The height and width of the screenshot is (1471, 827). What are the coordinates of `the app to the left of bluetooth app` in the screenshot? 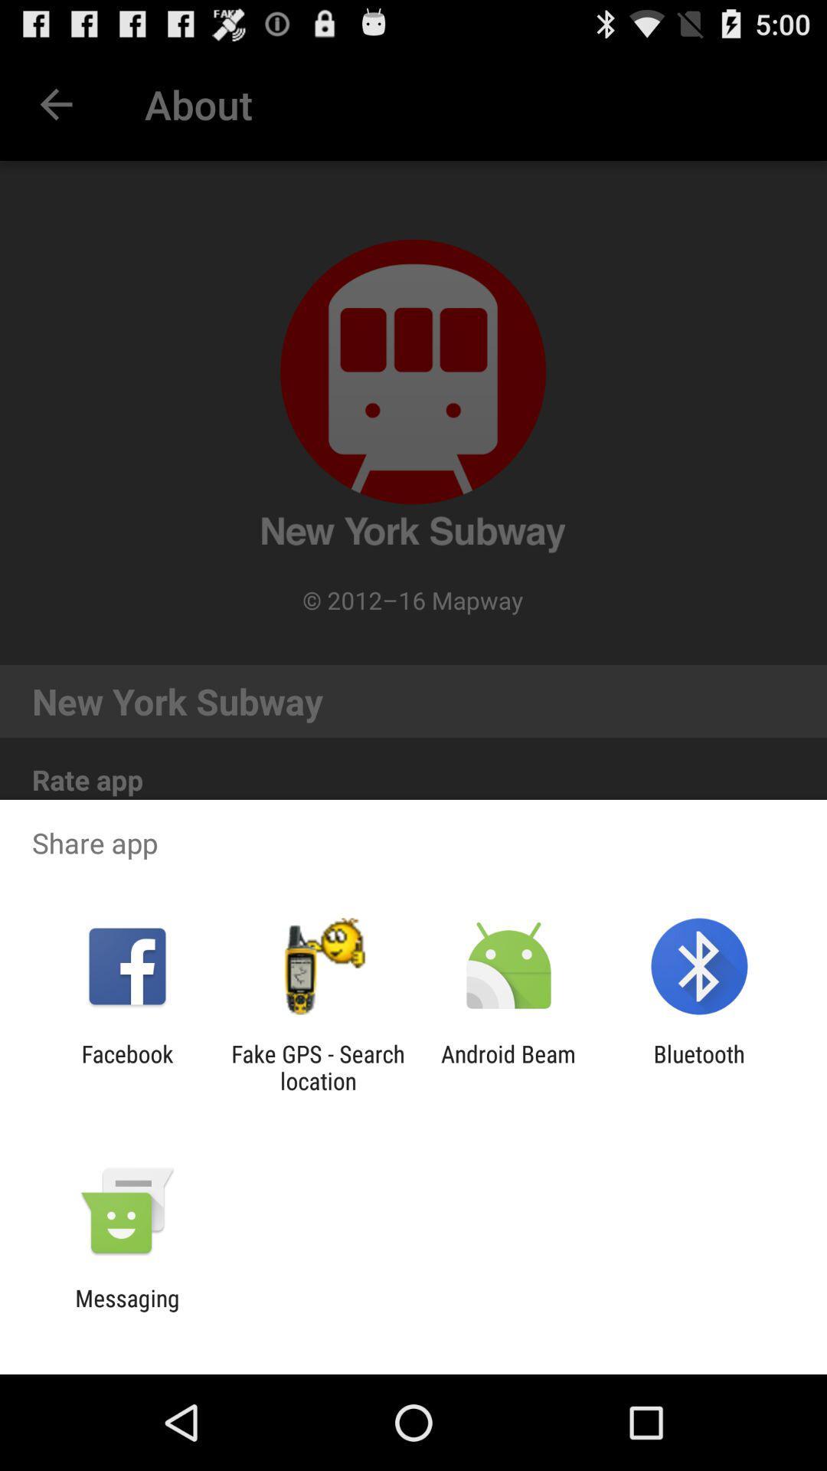 It's located at (508, 1066).